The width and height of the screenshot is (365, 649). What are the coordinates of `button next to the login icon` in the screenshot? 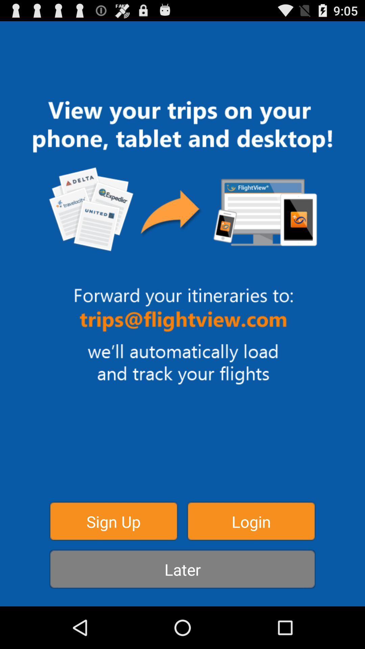 It's located at (113, 521).